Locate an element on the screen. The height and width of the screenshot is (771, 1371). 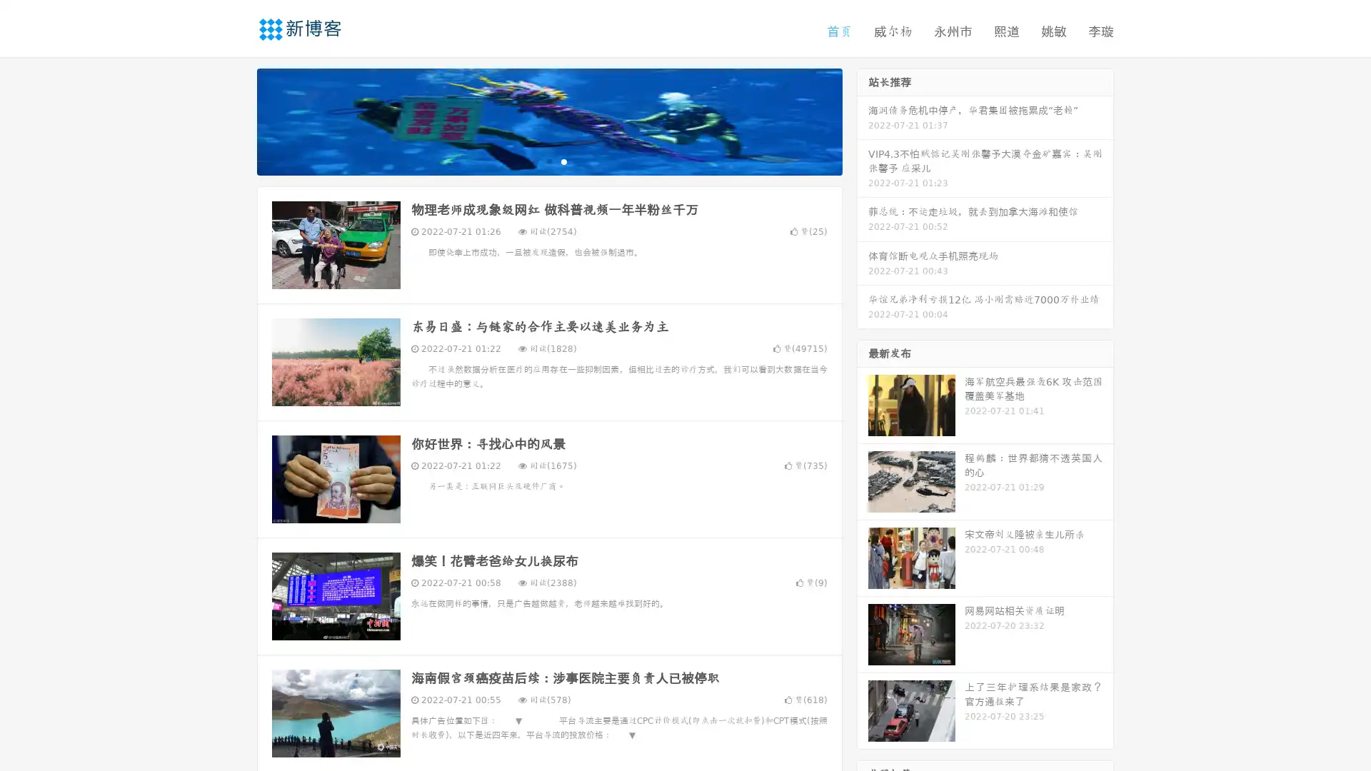
Go to slide 2 is located at coordinates (548, 161).